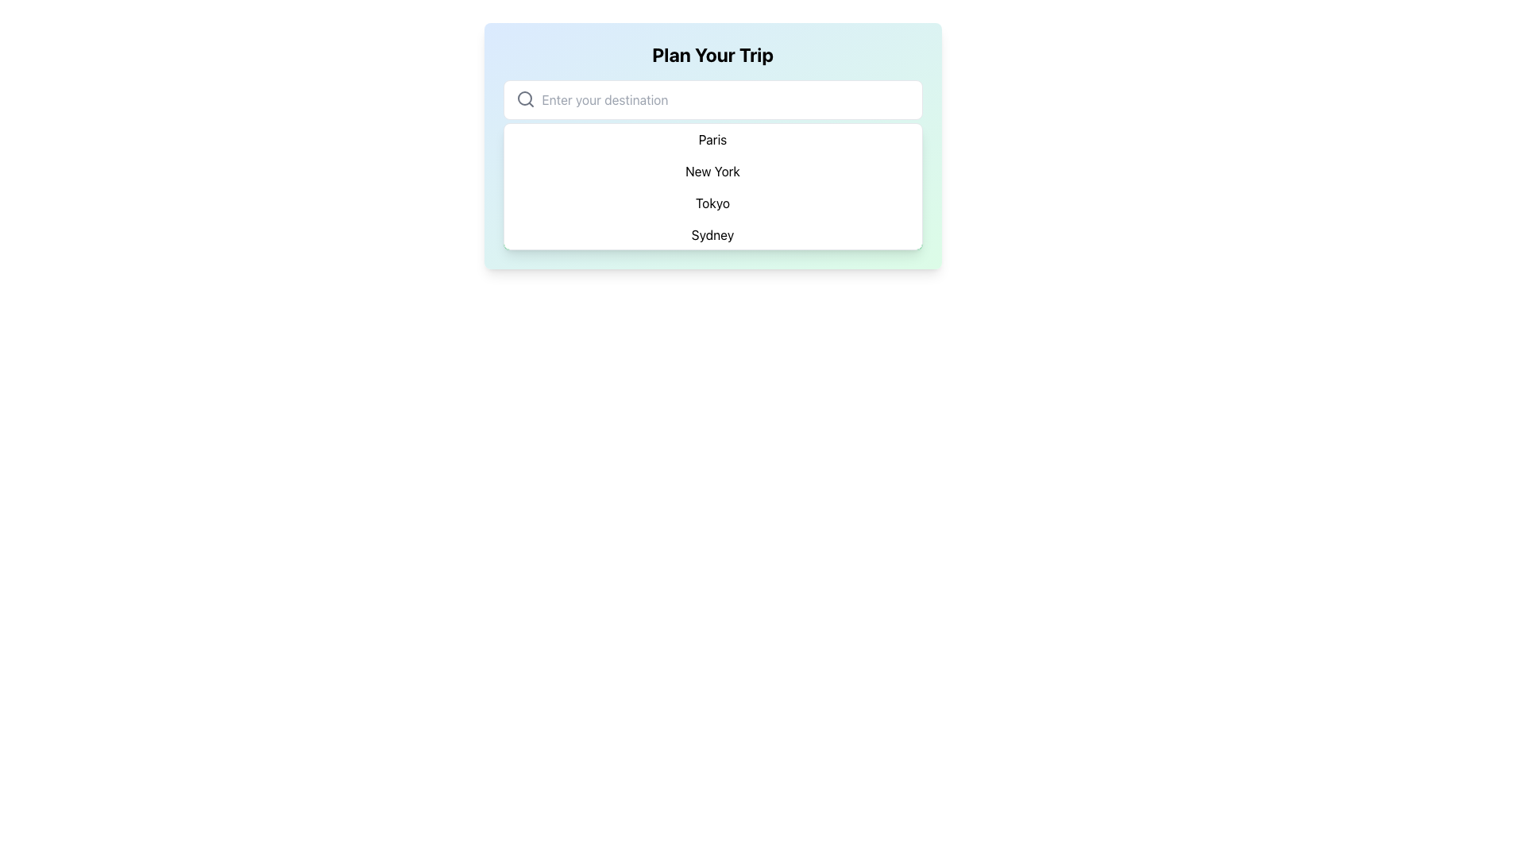 The height and width of the screenshot is (858, 1525). What do you see at coordinates (712, 202) in the screenshot?
I see `the selectable list item labeled 'Tokyo', which is the third item in a vertical list within the dropdown menu under 'Enter your destination'` at bounding box center [712, 202].